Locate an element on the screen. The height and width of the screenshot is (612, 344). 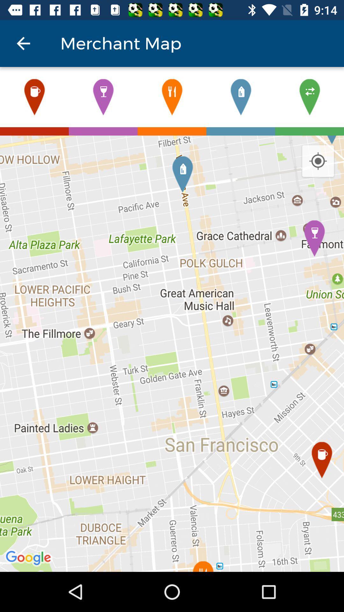
icon to the left of merchant map item is located at coordinates (23, 43).